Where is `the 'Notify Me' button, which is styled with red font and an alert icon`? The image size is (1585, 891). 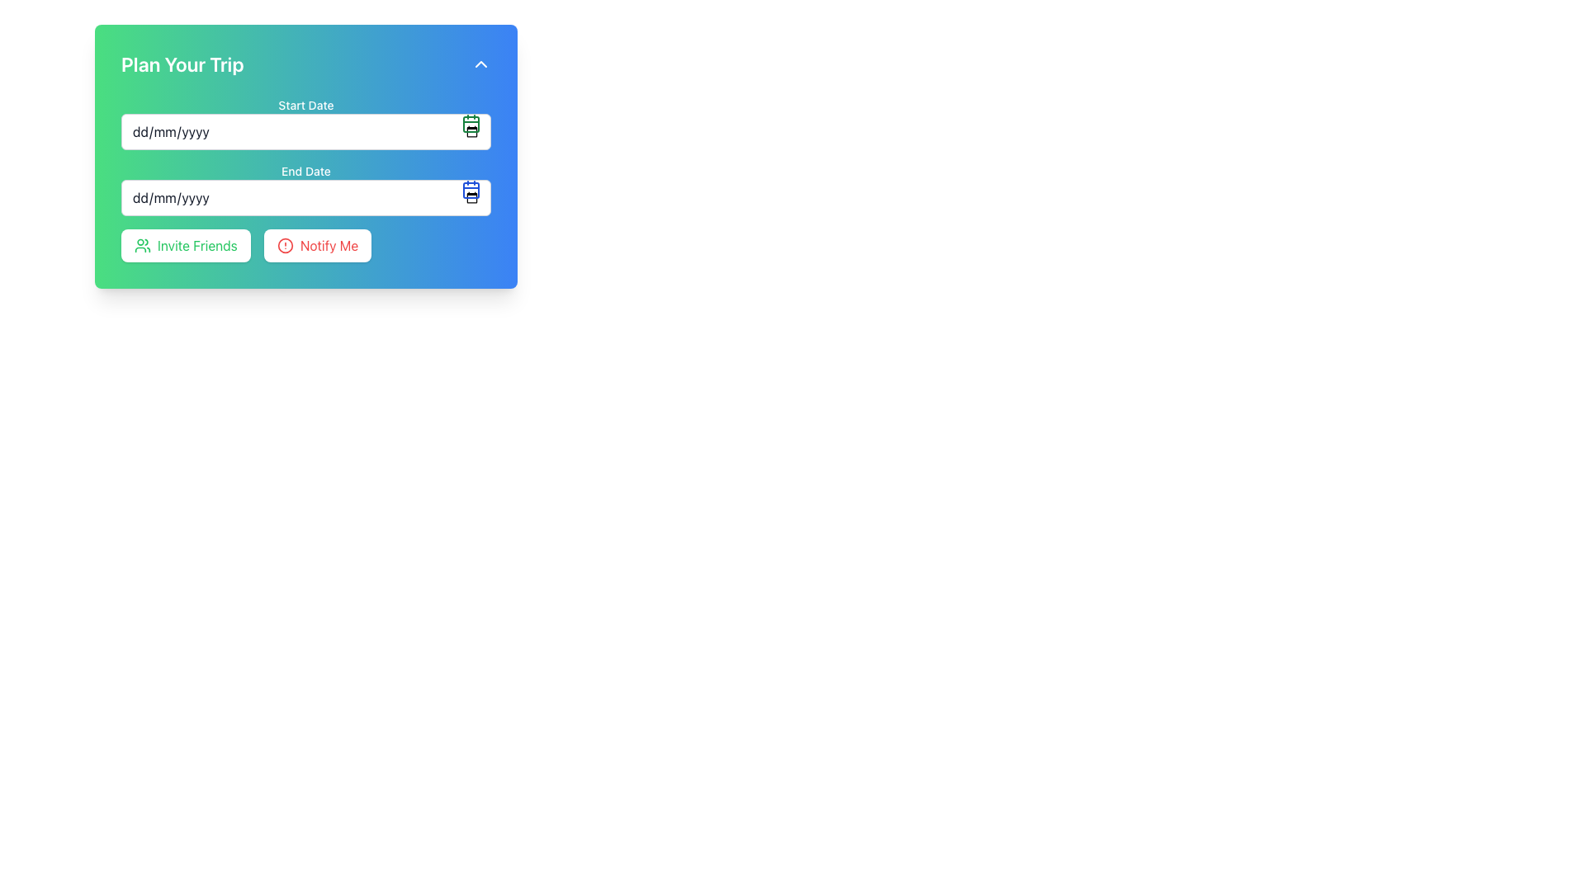 the 'Notify Me' button, which is styled with red font and an alert icon is located at coordinates (317, 245).